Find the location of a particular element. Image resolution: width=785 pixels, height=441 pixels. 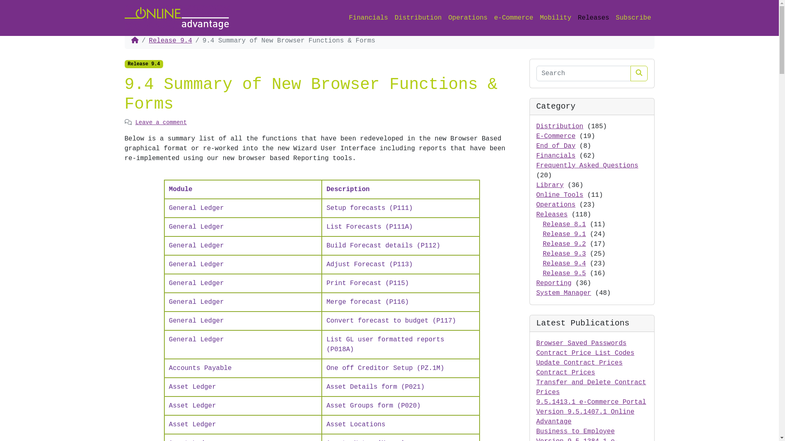

'Contract Prices' is located at coordinates (536, 373).